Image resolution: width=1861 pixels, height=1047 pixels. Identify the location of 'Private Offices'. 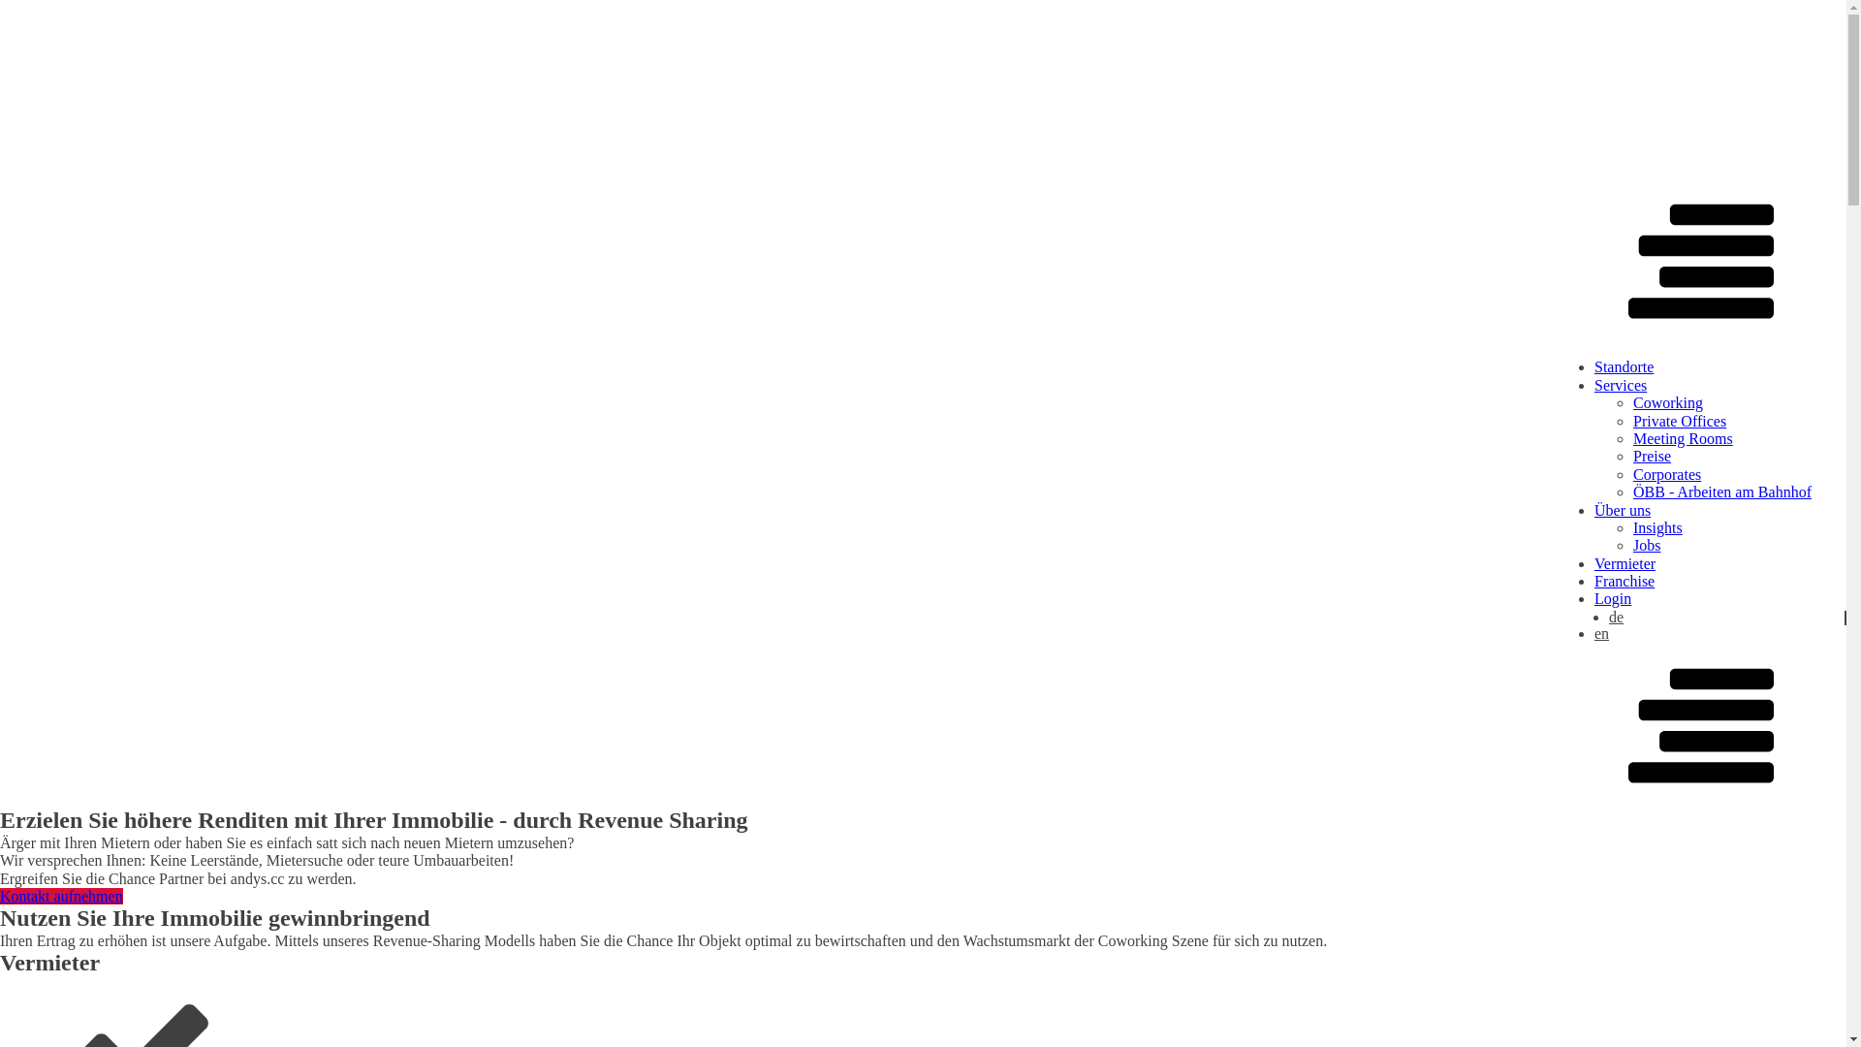
(1678, 420).